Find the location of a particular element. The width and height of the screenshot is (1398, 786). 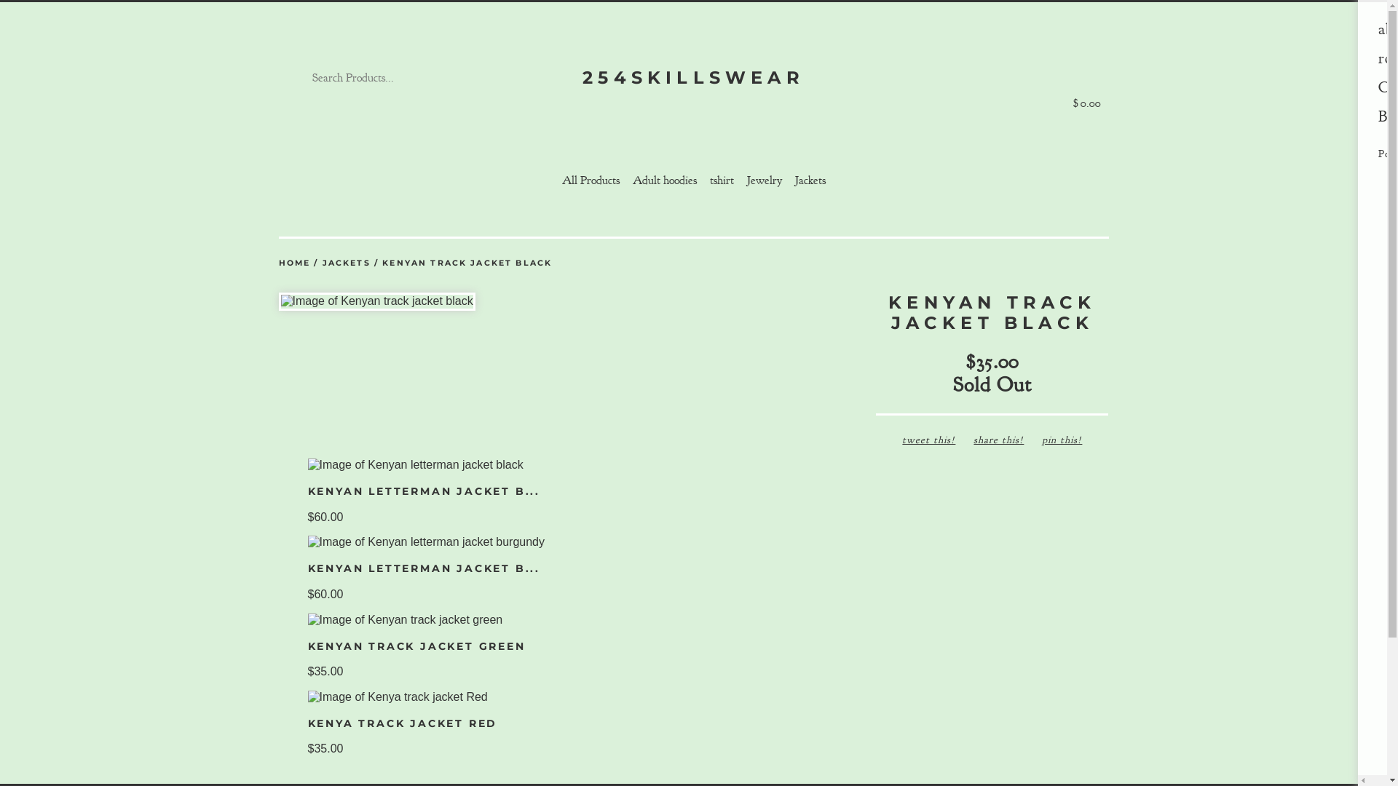

'KENYAN LETTERMAN JACKET B... is located at coordinates (692, 567).